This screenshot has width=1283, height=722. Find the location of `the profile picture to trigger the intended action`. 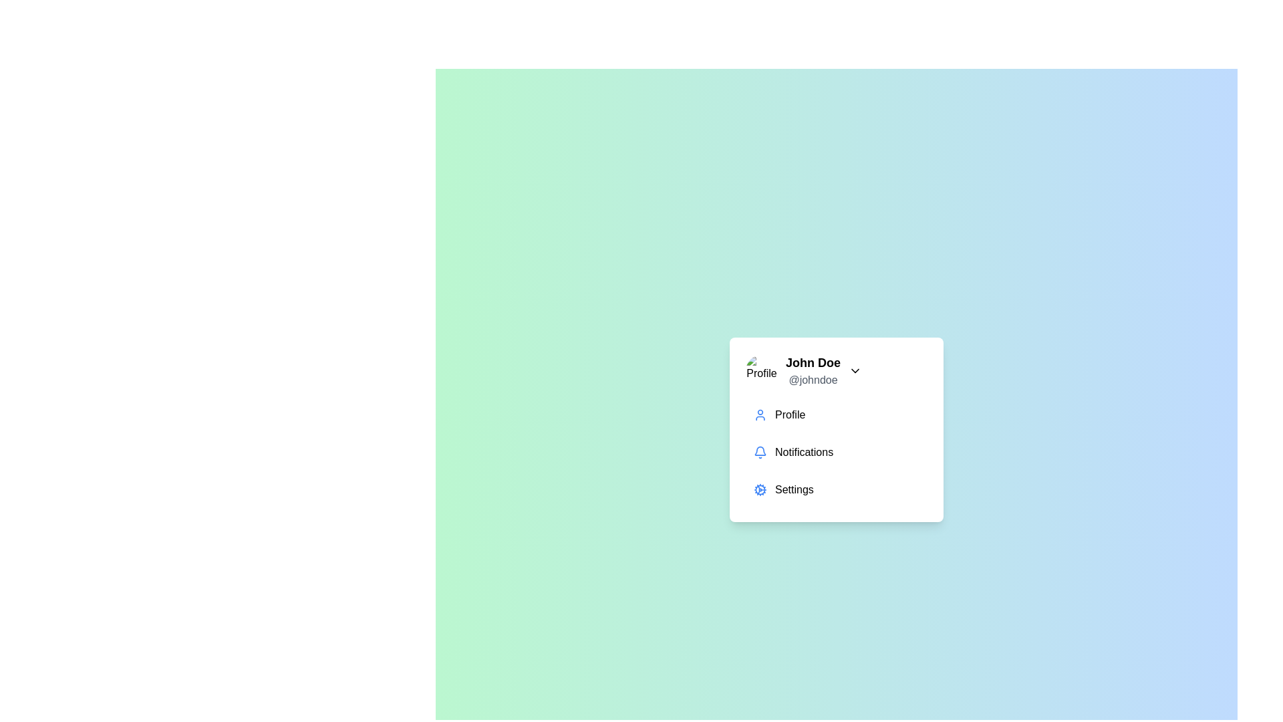

the profile picture to trigger the intended action is located at coordinates (762, 371).